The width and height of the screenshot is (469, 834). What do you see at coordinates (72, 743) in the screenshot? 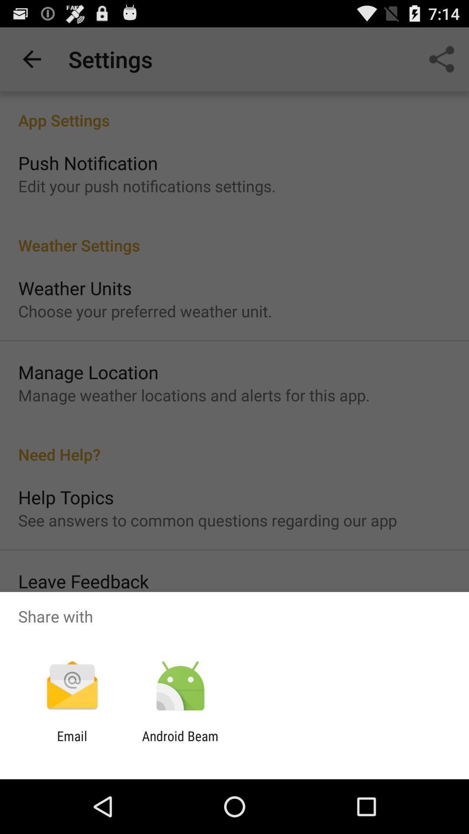
I see `the item to the left of android beam app` at bounding box center [72, 743].